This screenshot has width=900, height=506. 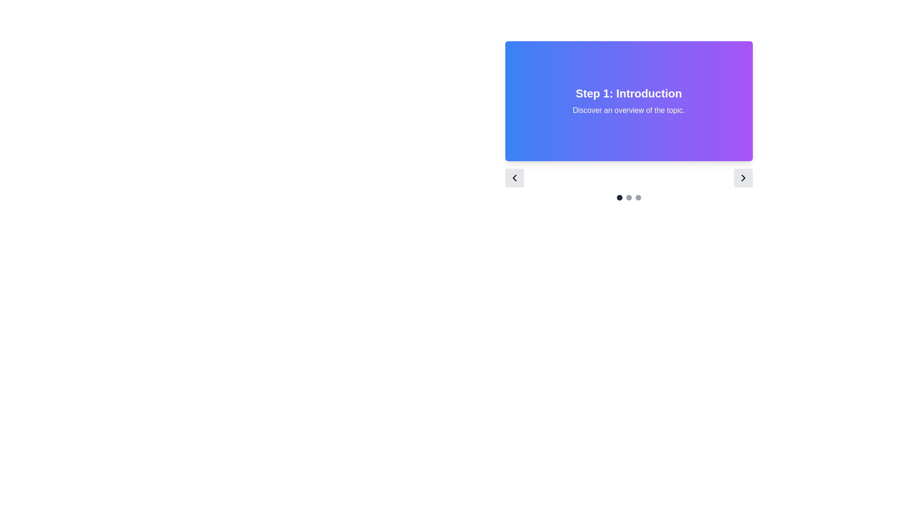 What do you see at coordinates (629, 94) in the screenshot?
I see `the Text Label that serves as the header for the content presented in the card, indicating the first step in a sequence` at bounding box center [629, 94].